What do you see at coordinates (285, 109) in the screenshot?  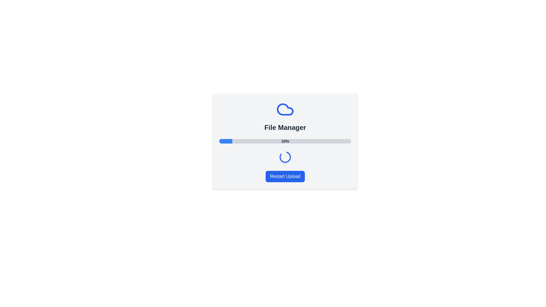 I see `the cloud-shaped icon outlined in blue, located at the top center above the 'File Manager' text` at bounding box center [285, 109].